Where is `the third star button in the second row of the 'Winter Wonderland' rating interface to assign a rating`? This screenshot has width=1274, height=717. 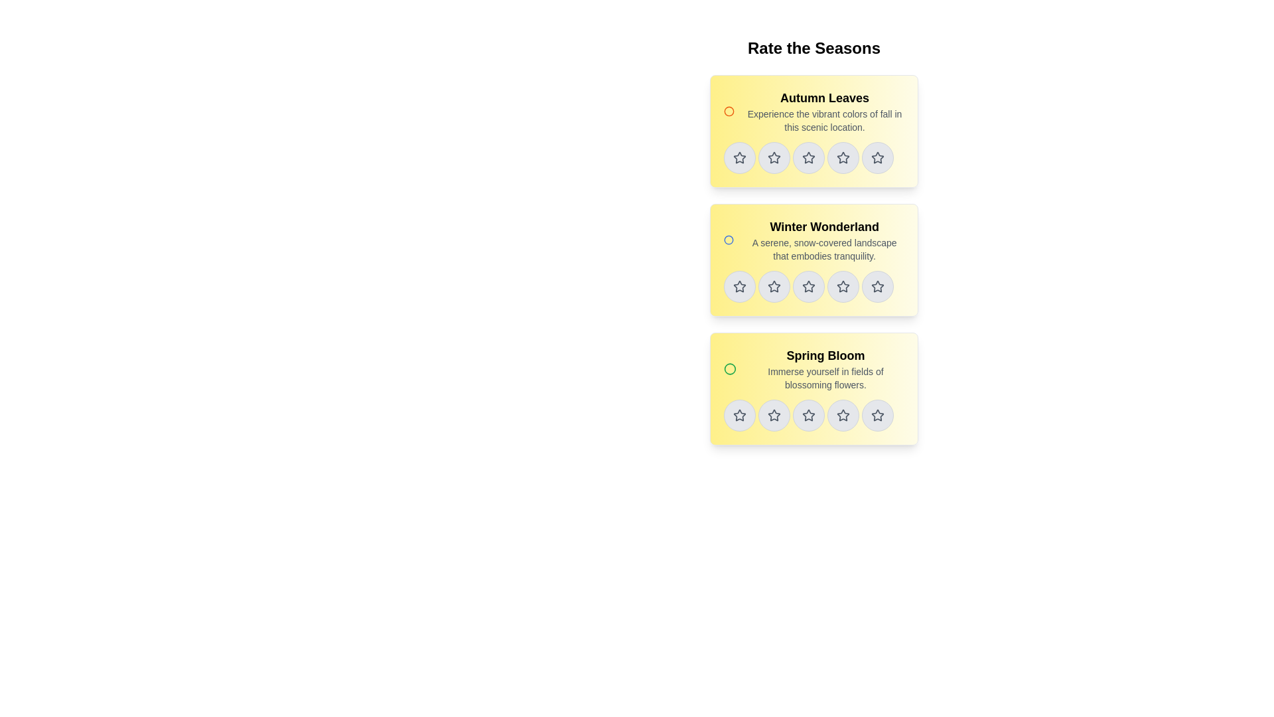
the third star button in the second row of the 'Winter Wonderland' rating interface to assign a rating is located at coordinates (808, 286).